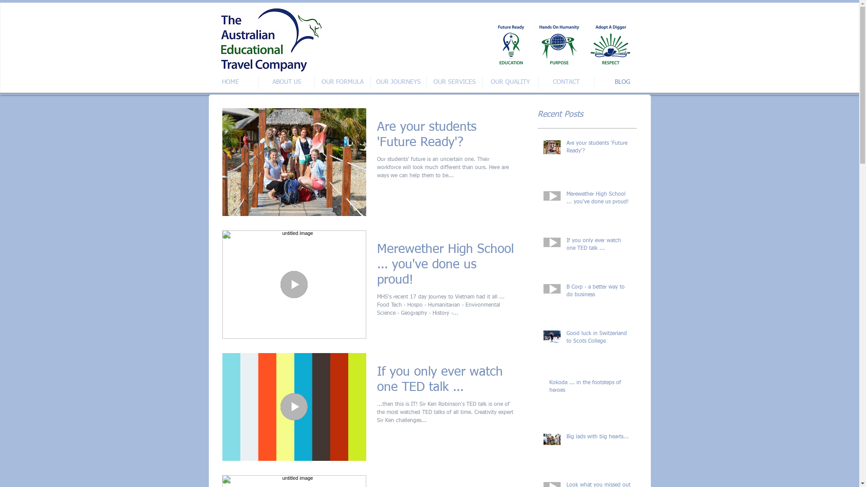  What do you see at coordinates (398, 82) in the screenshot?
I see `'OUR JOURNEYS'` at bounding box center [398, 82].